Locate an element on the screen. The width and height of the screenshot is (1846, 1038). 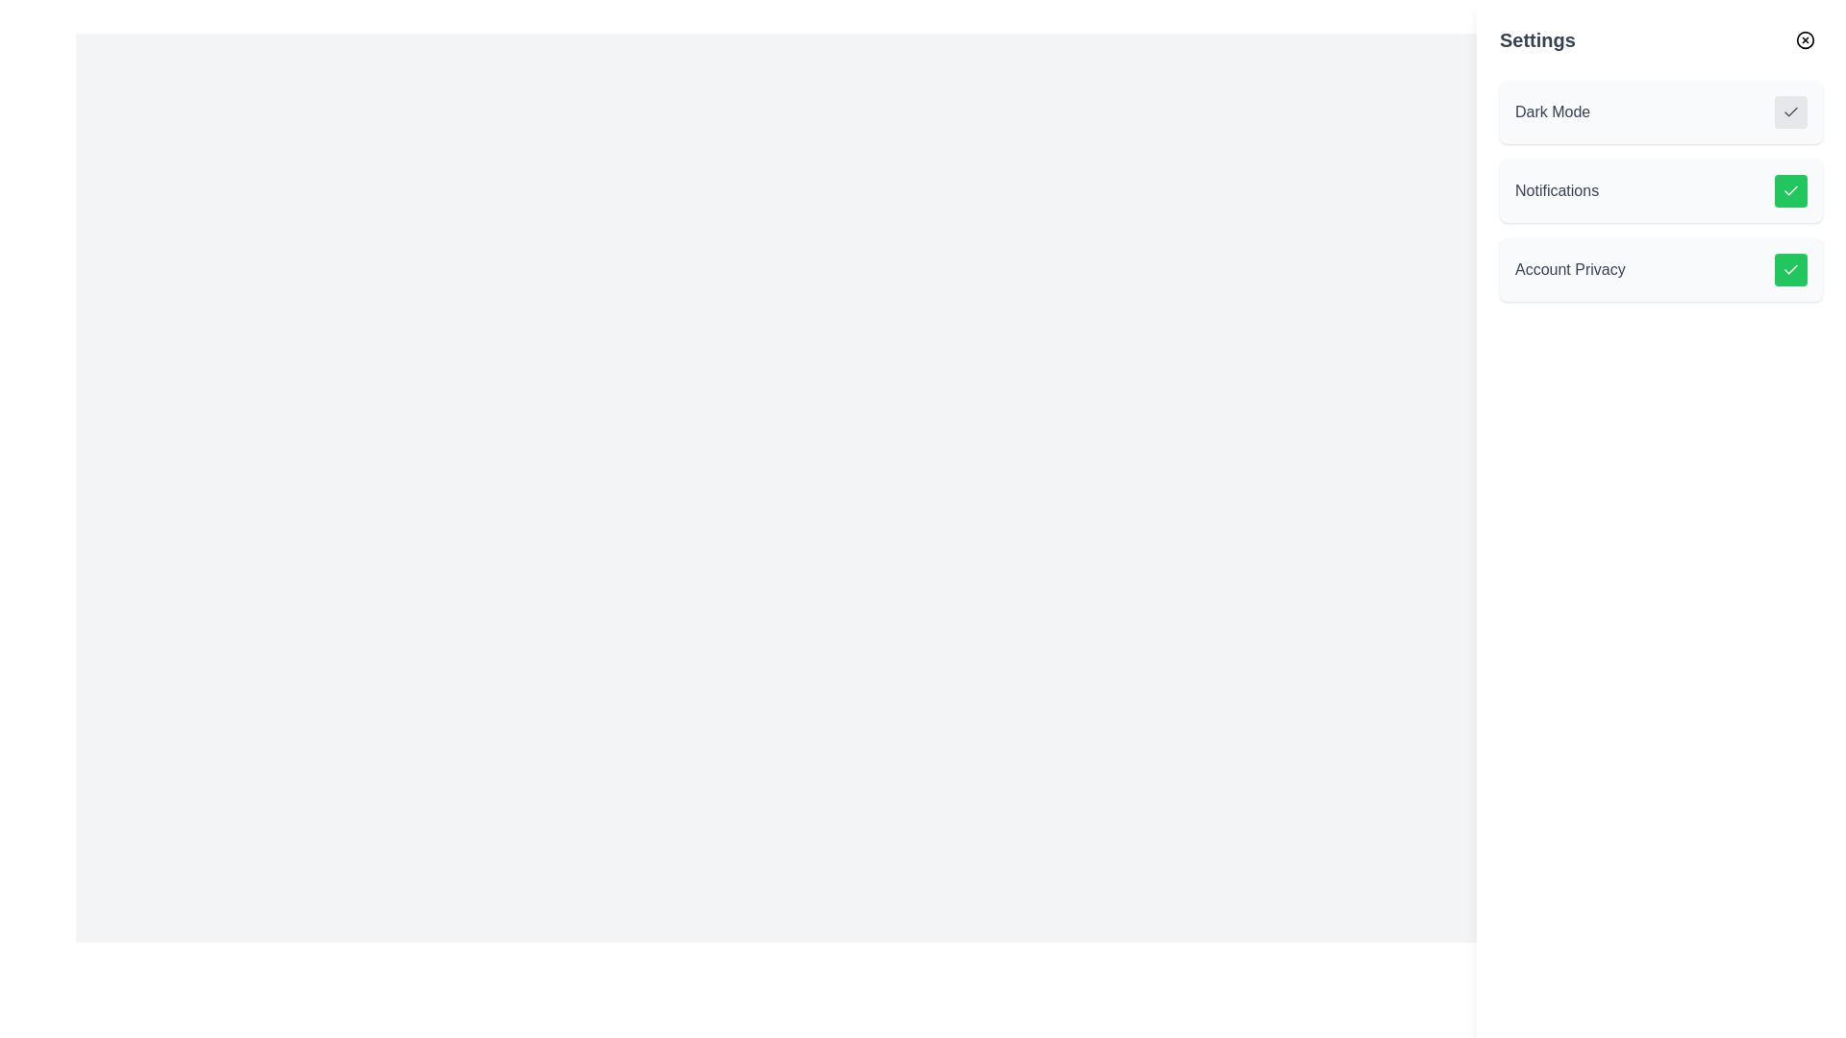
the circular close icon located in the top-right corner of the 'Settings' panel, which is used is located at coordinates (1804, 40).